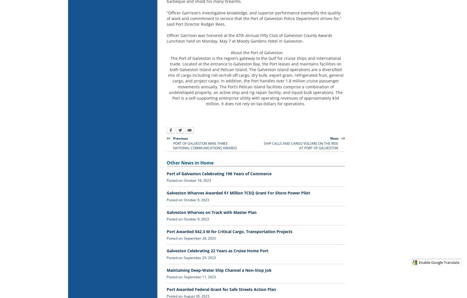 Image resolution: width=467 pixels, height=298 pixels. I want to click on 'Previous', so click(180, 138).